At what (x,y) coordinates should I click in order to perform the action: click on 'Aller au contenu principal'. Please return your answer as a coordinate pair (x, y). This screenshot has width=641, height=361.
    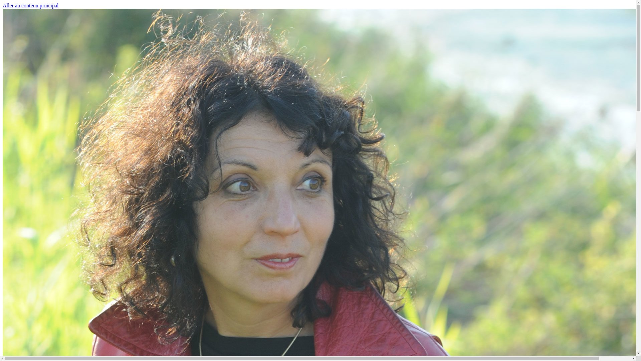
    Looking at the image, I should click on (3, 5).